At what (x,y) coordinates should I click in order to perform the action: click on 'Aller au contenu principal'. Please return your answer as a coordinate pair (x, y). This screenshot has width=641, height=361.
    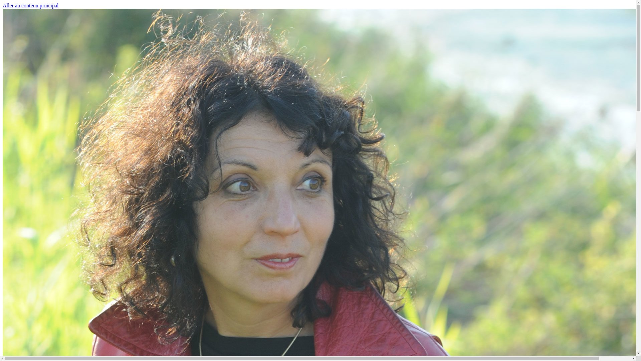
    Looking at the image, I should click on (3, 5).